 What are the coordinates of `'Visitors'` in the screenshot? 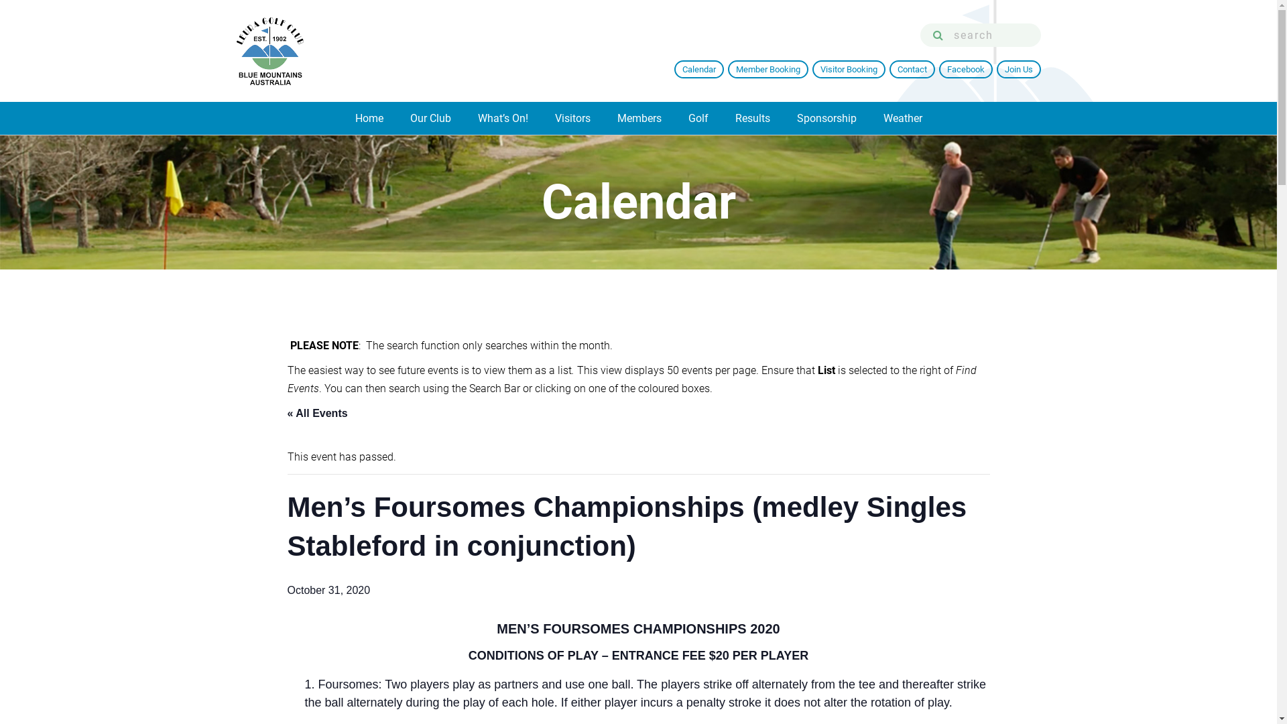 It's located at (572, 117).